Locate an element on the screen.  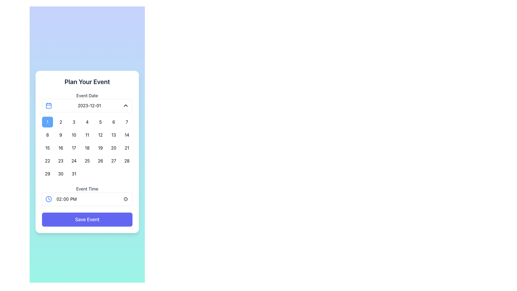
the text element displaying the date '2023-12-01', which is centrally aligned within the input field labeled 'Event Date' and positioned between a calendar icon on the left and a chevron dropdown icon on the right is located at coordinates (89, 106).